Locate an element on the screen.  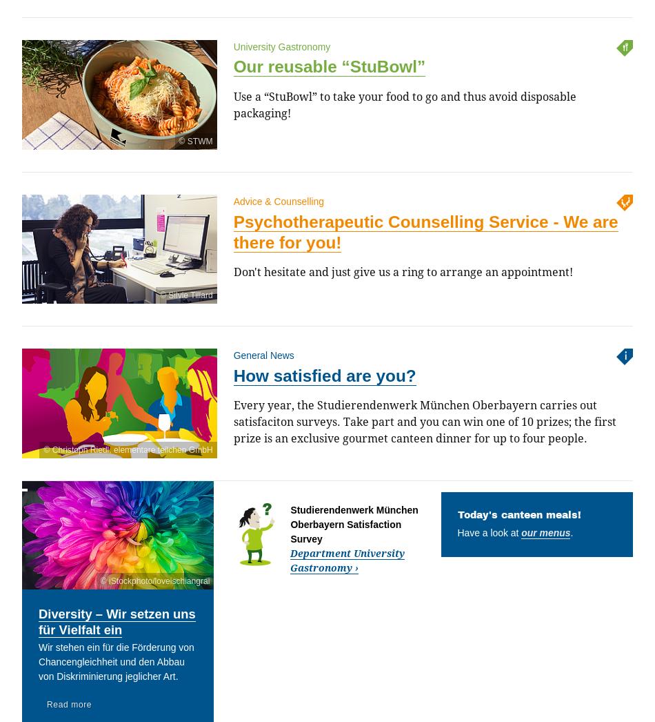
'© Christoph Riedl, elementare teilchen GmbH' is located at coordinates (43, 449).